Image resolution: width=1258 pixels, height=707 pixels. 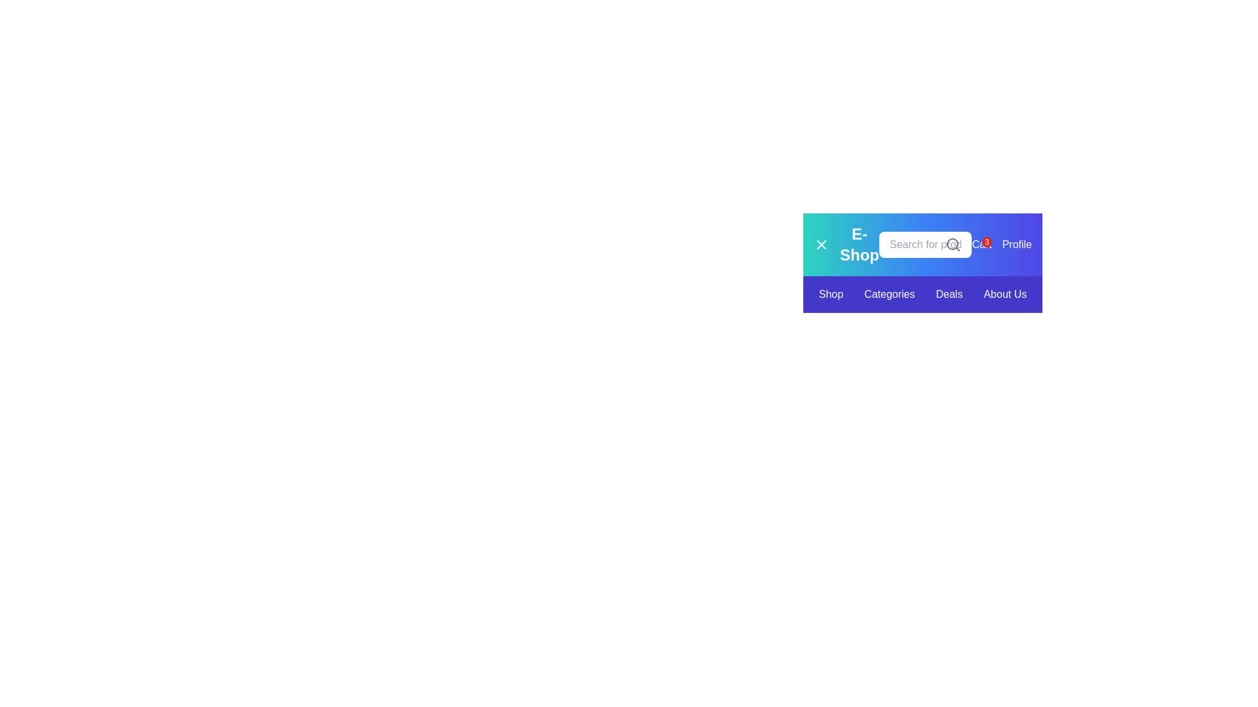 What do you see at coordinates (1001, 245) in the screenshot?
I see `the element located at the far right of the top navigation bar, which combines the functionality for 'Cart' and 'Profile' sections and displays the cart item count` at bounding box center [1001, 245].